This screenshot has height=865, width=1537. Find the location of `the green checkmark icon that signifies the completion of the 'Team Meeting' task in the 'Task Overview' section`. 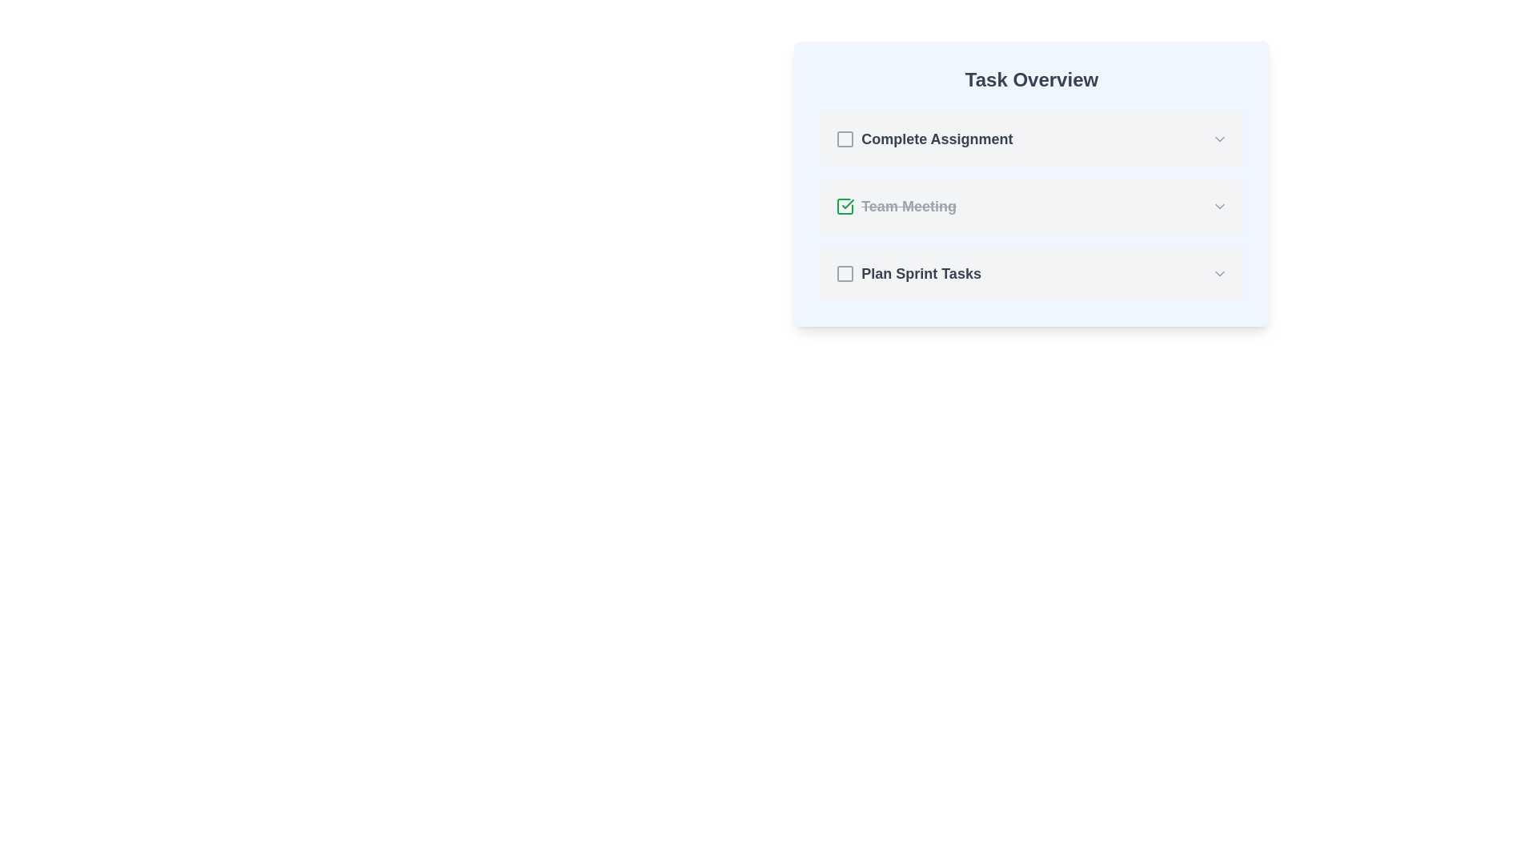

the green checkmark icon that signifies the completion of the 'Team Meeting' task in the 'Task Overview' section is located at coordinates (847, 203).